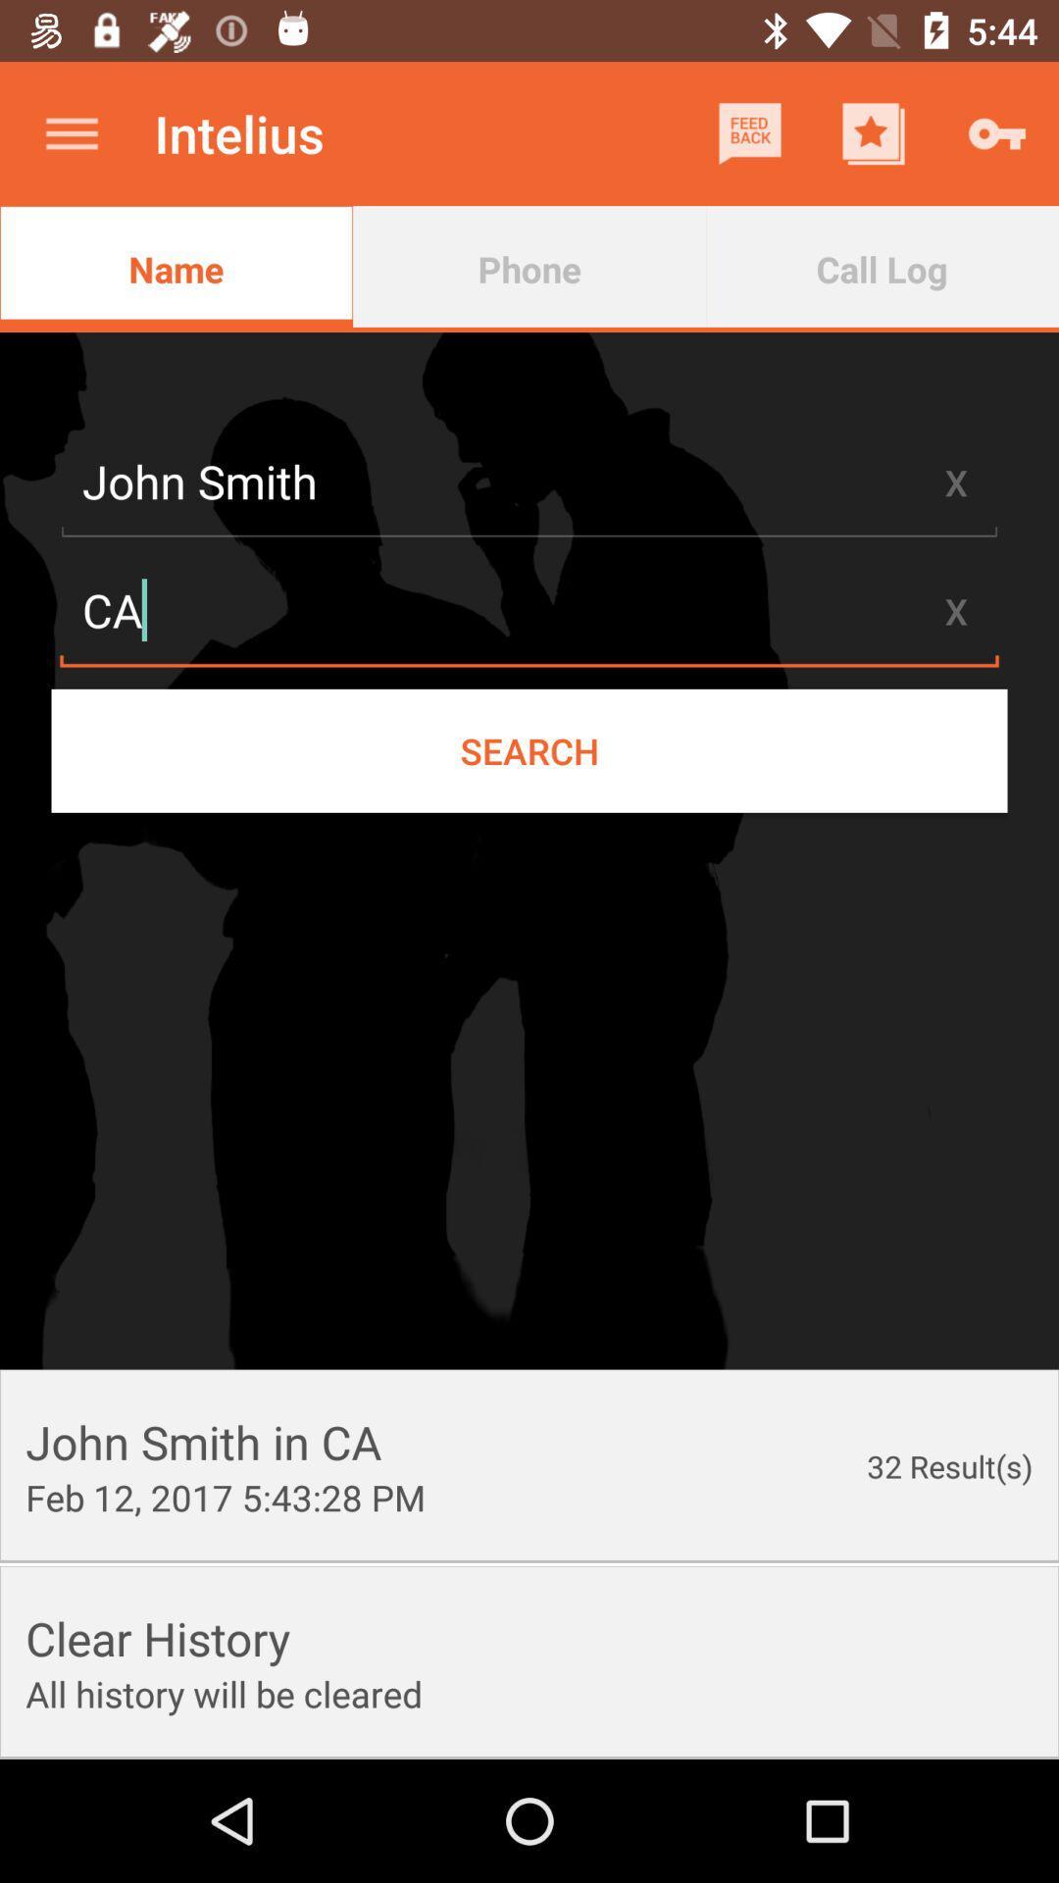 This screenshot has height=1883, width=1059. What do you see at coordinates (225, 1496) in the screenshot?
I see `icon below the john smith in` at bounding box center [225, 1496].